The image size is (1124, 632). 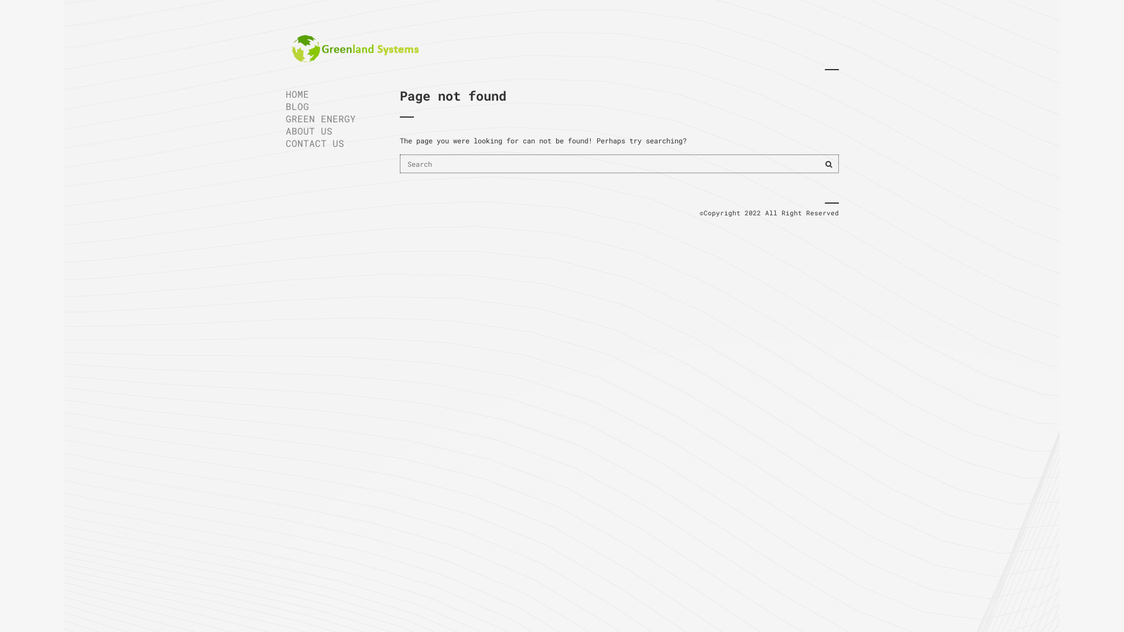 What do you see at coordinates (333, 130) in the screenshot?
I see `'ABOUT US'` at bounding box center [333, 130].